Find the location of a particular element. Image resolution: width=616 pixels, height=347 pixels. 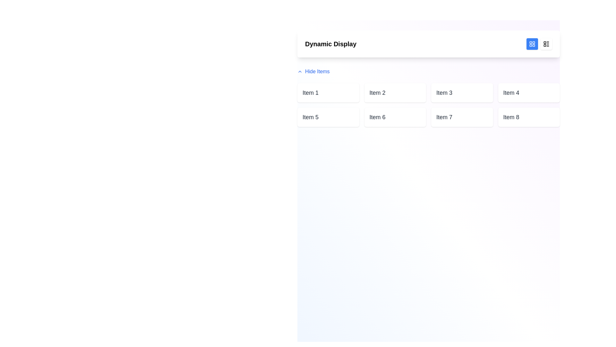

the selectable card for 'Item 1' located in the top-left corner of the grid layout is located at coordinates (328, 93).